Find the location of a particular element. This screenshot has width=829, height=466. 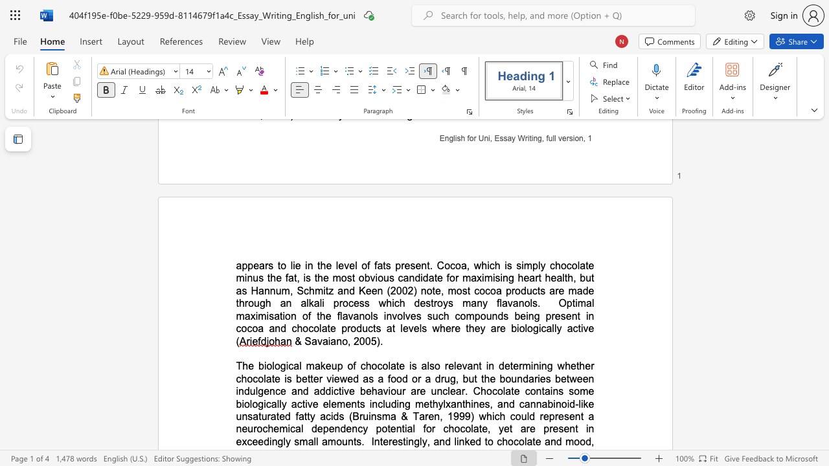

the subset text "unds being present in cocoa and chocolate produc" within the text "Optimal maximisation of the flavanols involves such compounds being present in cocoa and chocolate products at levels where they are biologically" is located at coordinates (485, 316).